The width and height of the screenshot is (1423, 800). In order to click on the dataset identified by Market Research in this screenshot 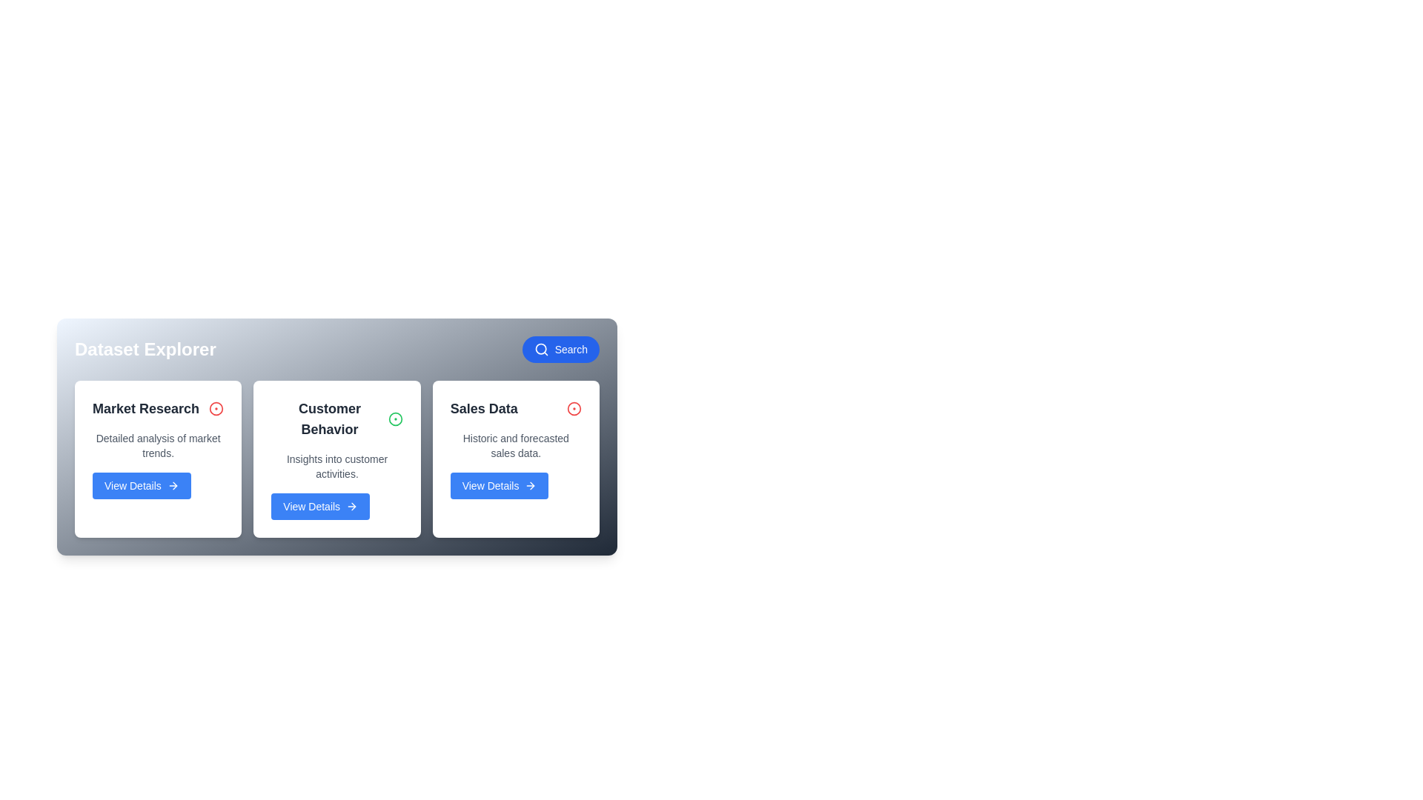, I will do `click(216, 408)`.